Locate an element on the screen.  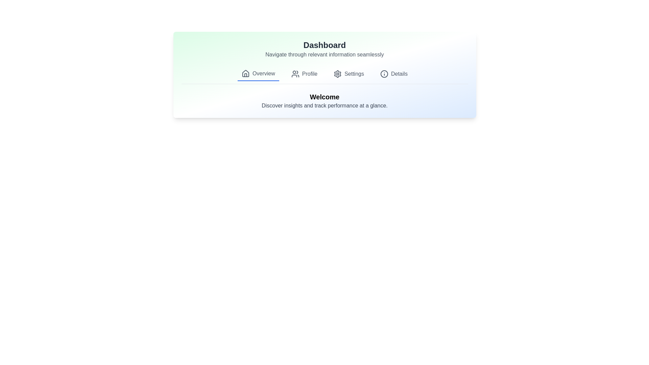
the 'Overview' tab, which is the first item in the navigation bar with a house icon is located at coordinates (258, 74).